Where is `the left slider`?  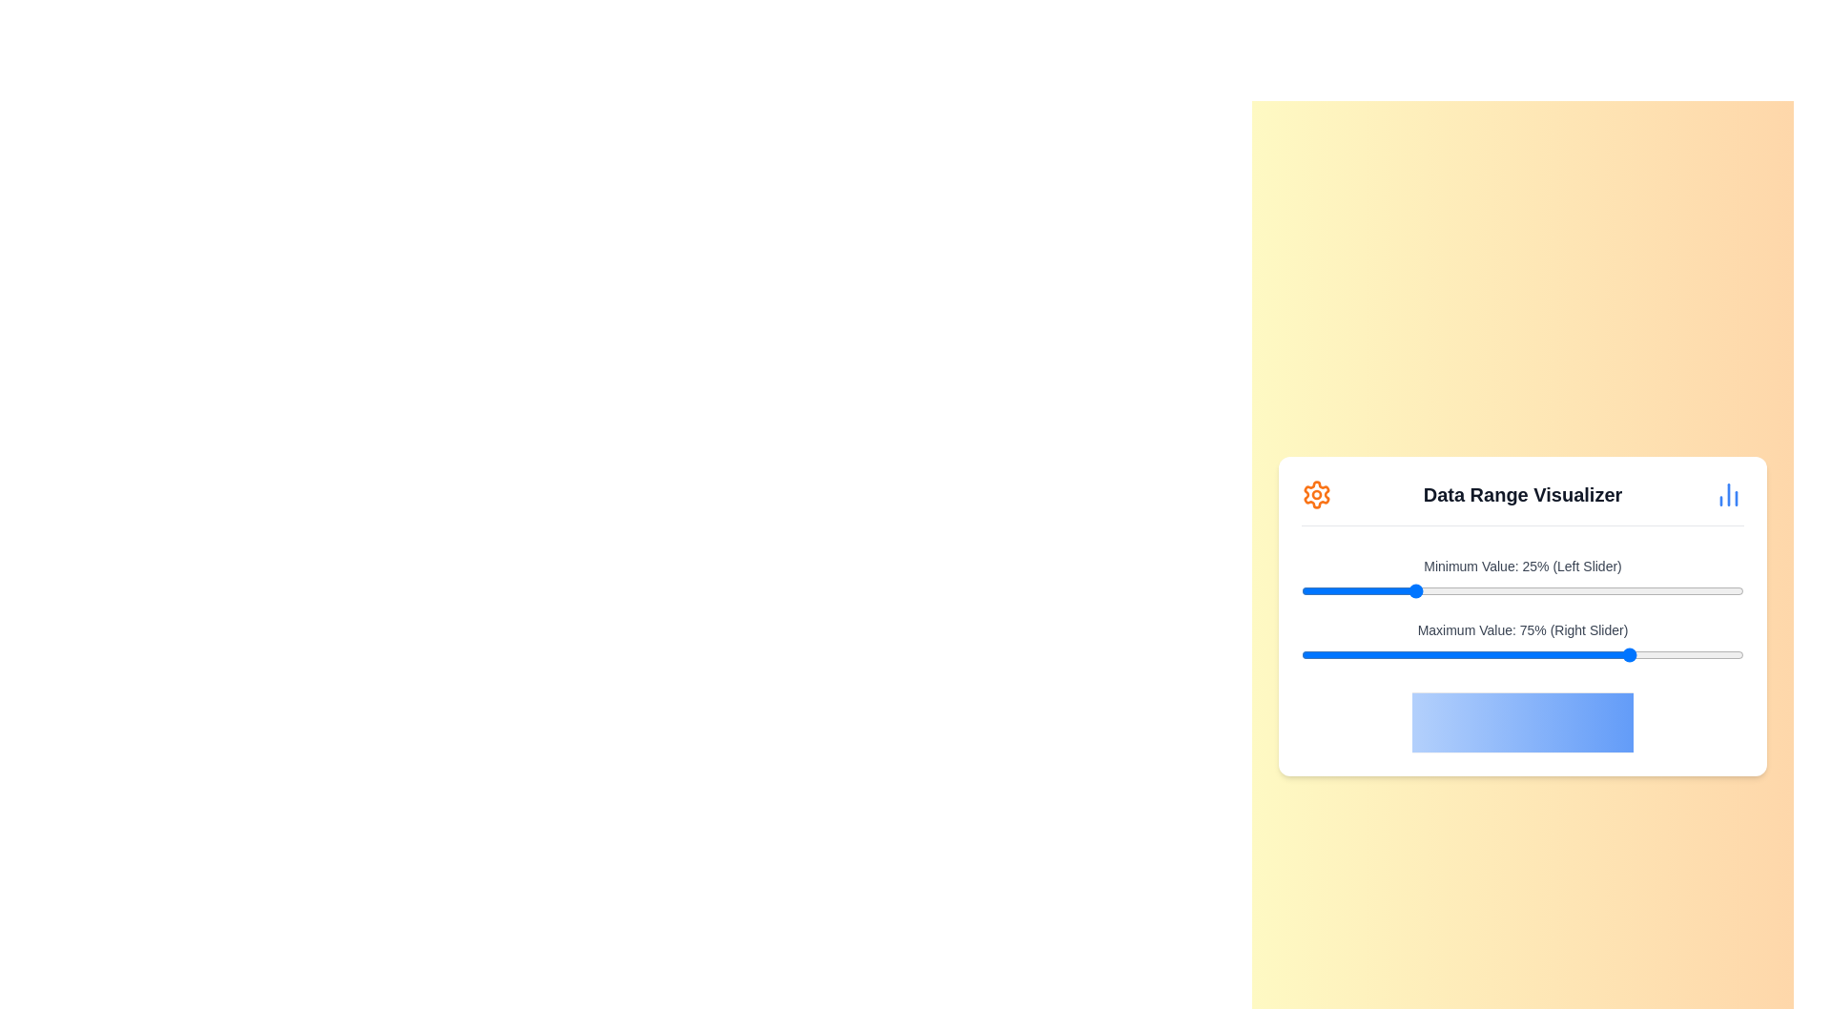 the left slider is located at coordinates (1739, 589).